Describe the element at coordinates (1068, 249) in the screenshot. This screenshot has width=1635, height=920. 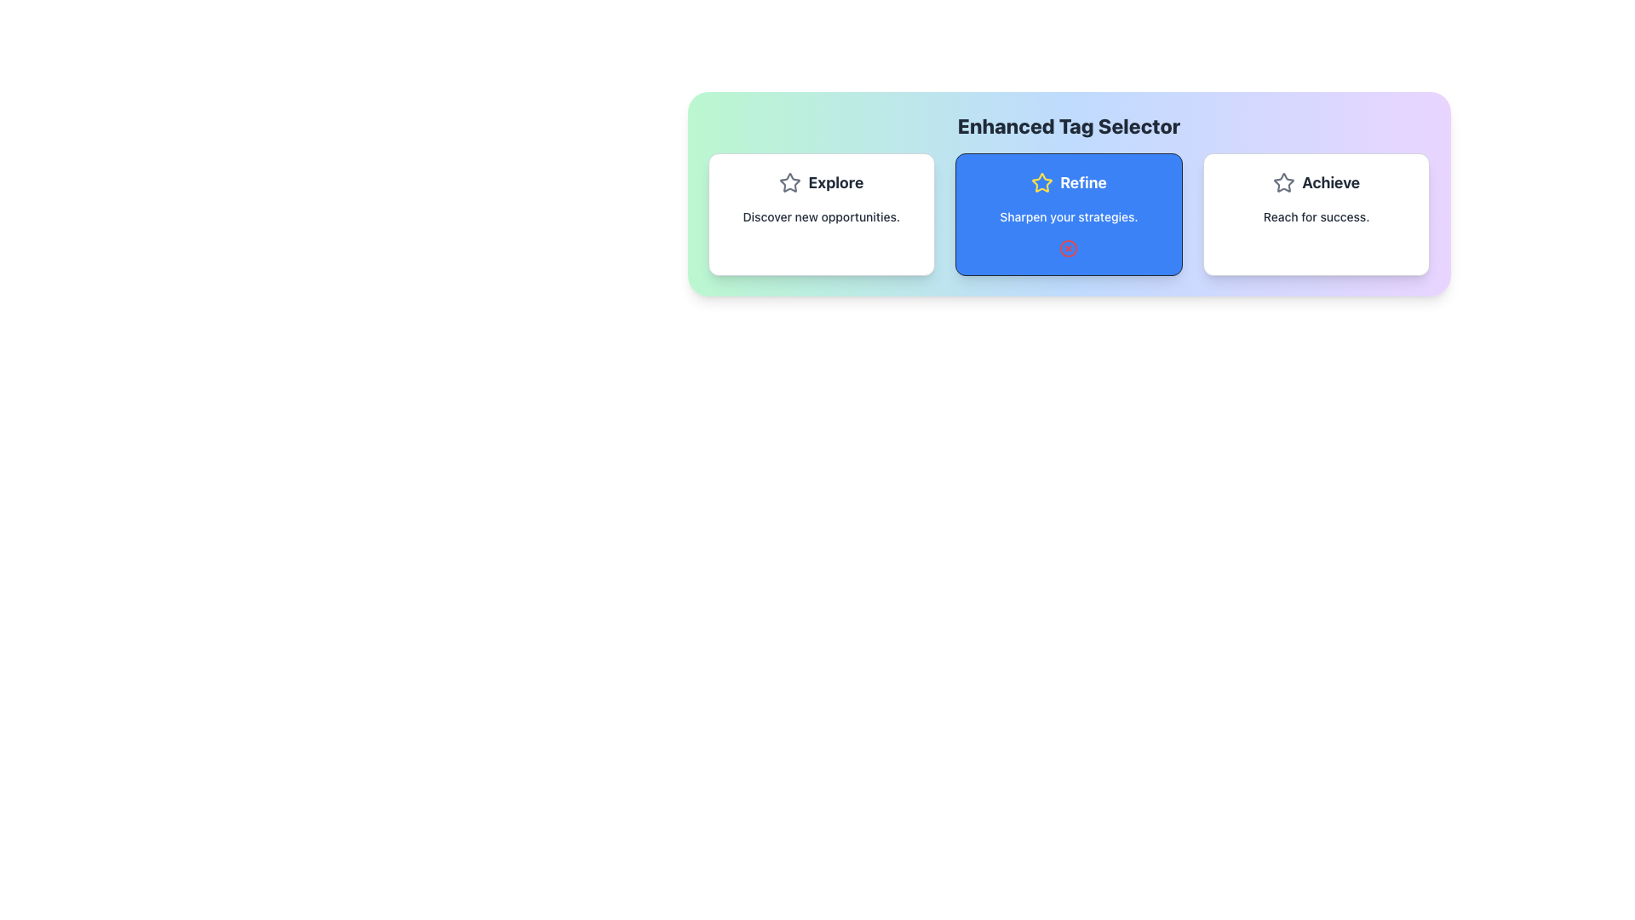
I see `the red circular Close icon with a cross in the middle, located in the lower central part of the 'Refine' card under the text 'Sharpen your strategies.'` at that location.